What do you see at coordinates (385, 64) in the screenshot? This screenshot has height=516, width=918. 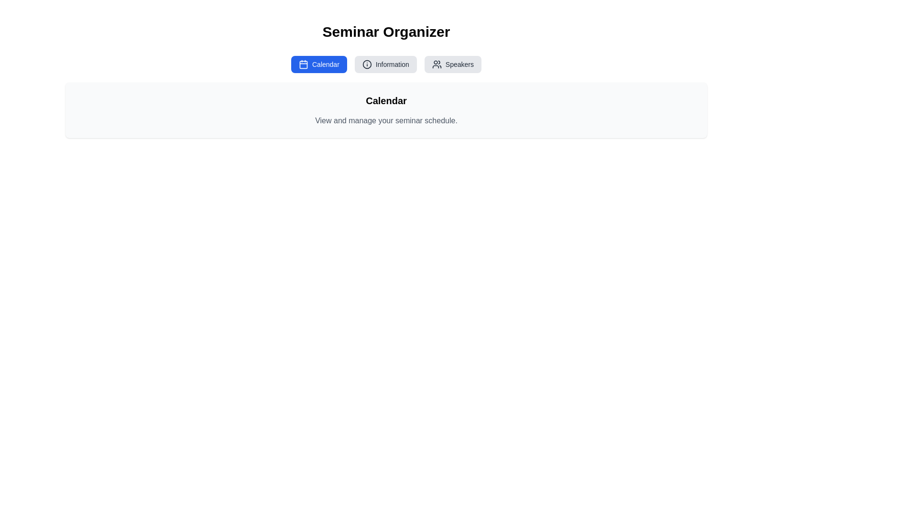 I see `the Information tab` at bounding box center [385, 64].